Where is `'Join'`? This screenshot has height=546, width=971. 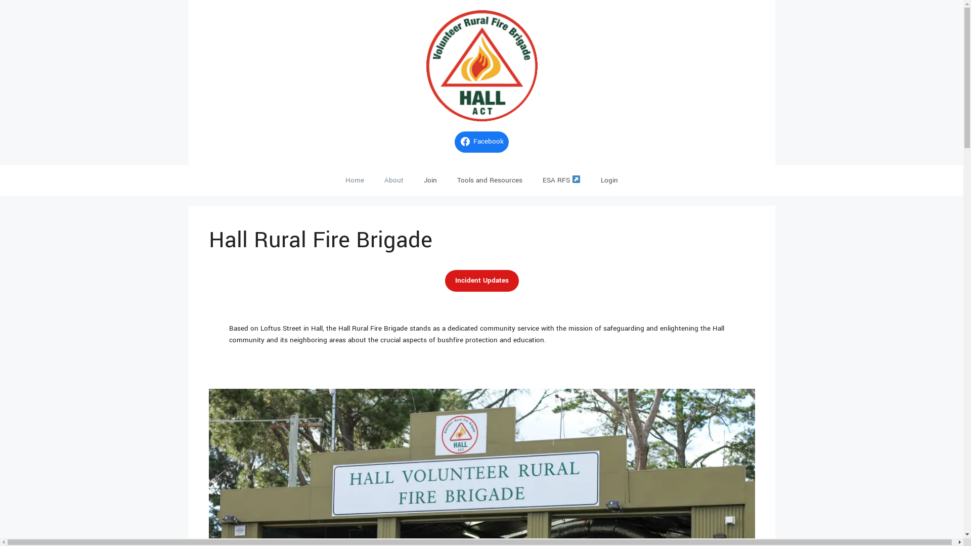
'Join' is located at coordinates (430, 180).